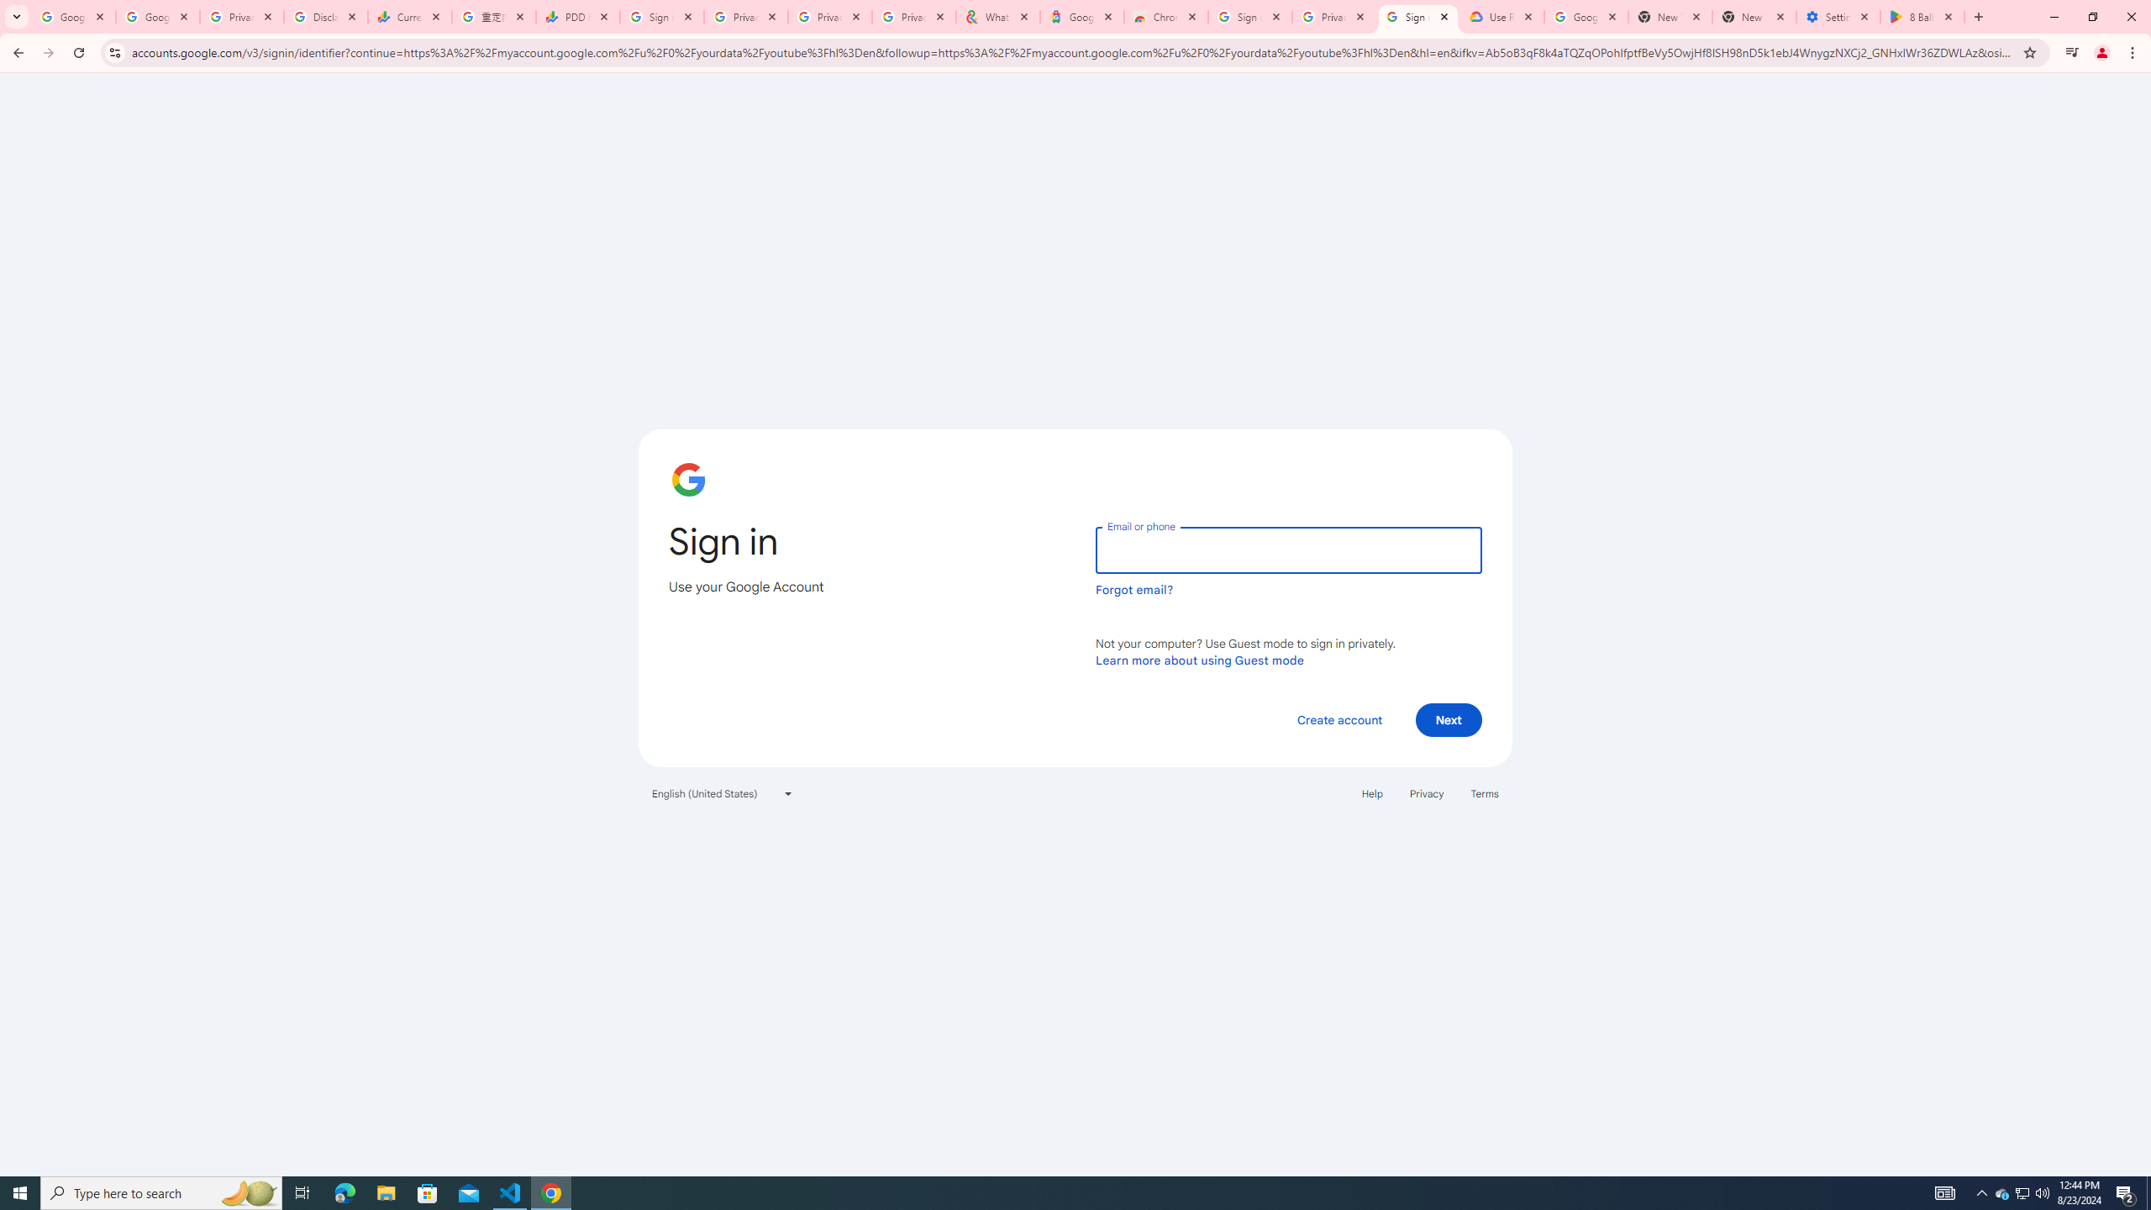 Image resolution: width=2151 pixels, height=1210 pixels. Describe the element at coordinates (578, 16) in the screenshot. I see `'PDD Holdings Inc - ADR (PDD) Price & News - Google Finance'` at that location.